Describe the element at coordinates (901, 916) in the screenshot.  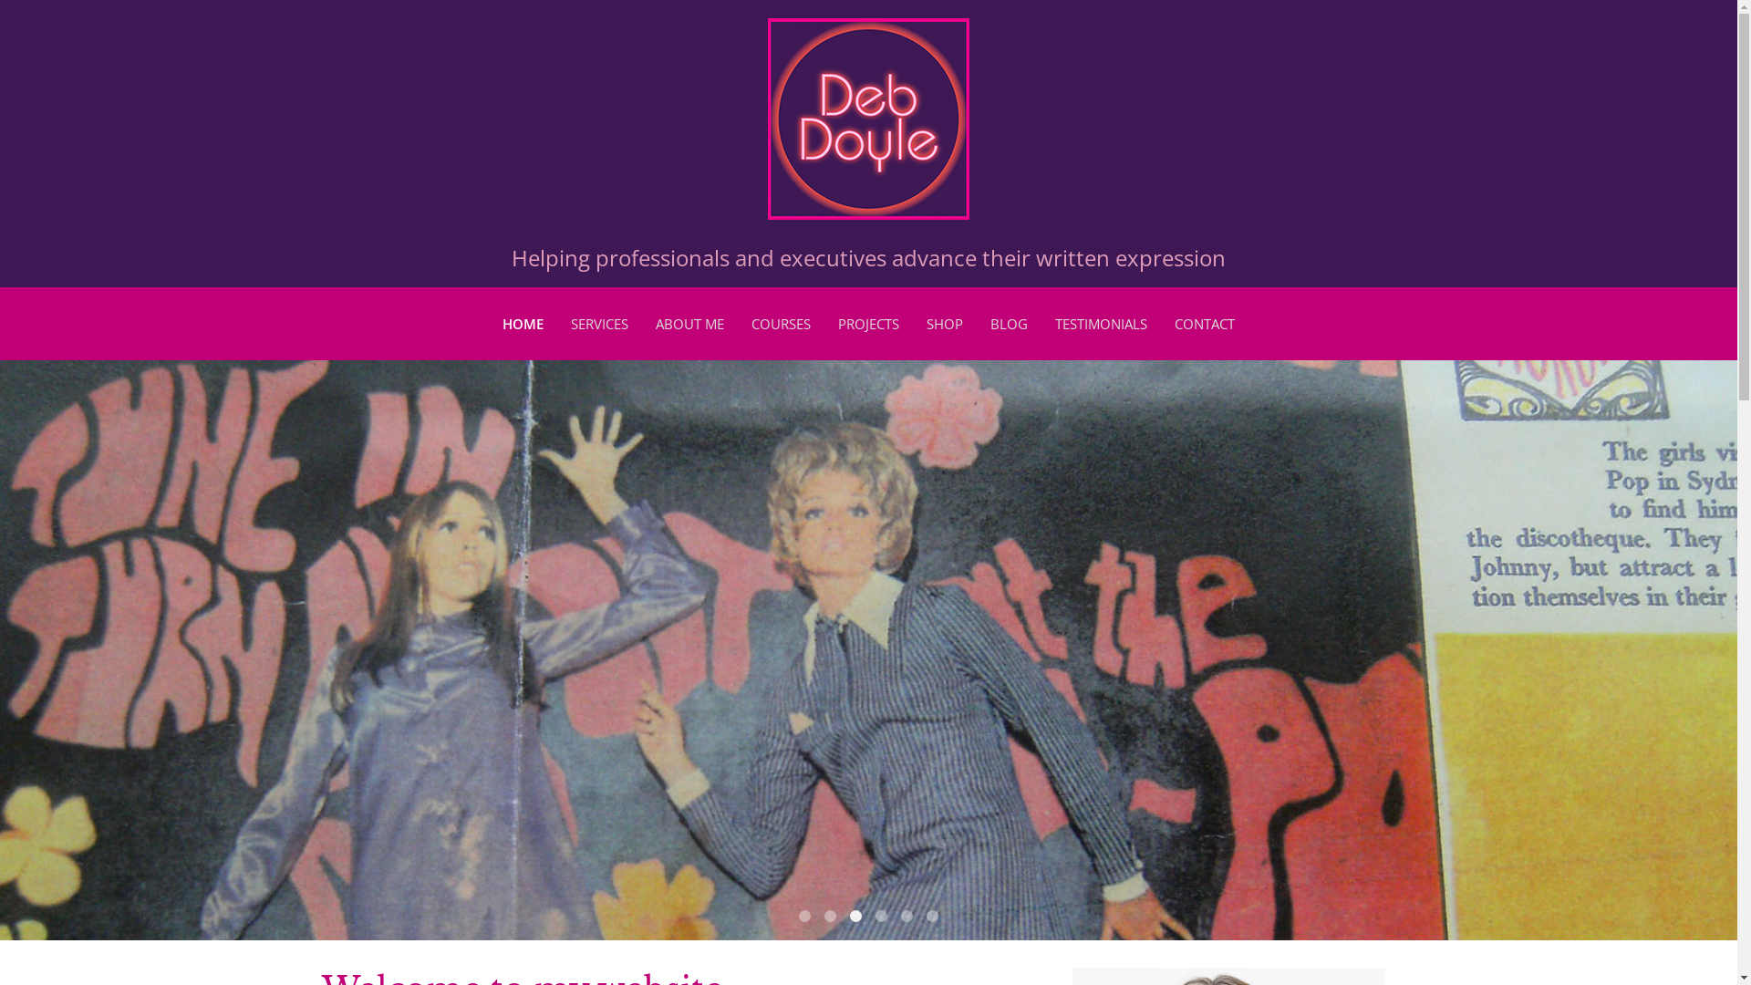
I see `'5a'` at that location.